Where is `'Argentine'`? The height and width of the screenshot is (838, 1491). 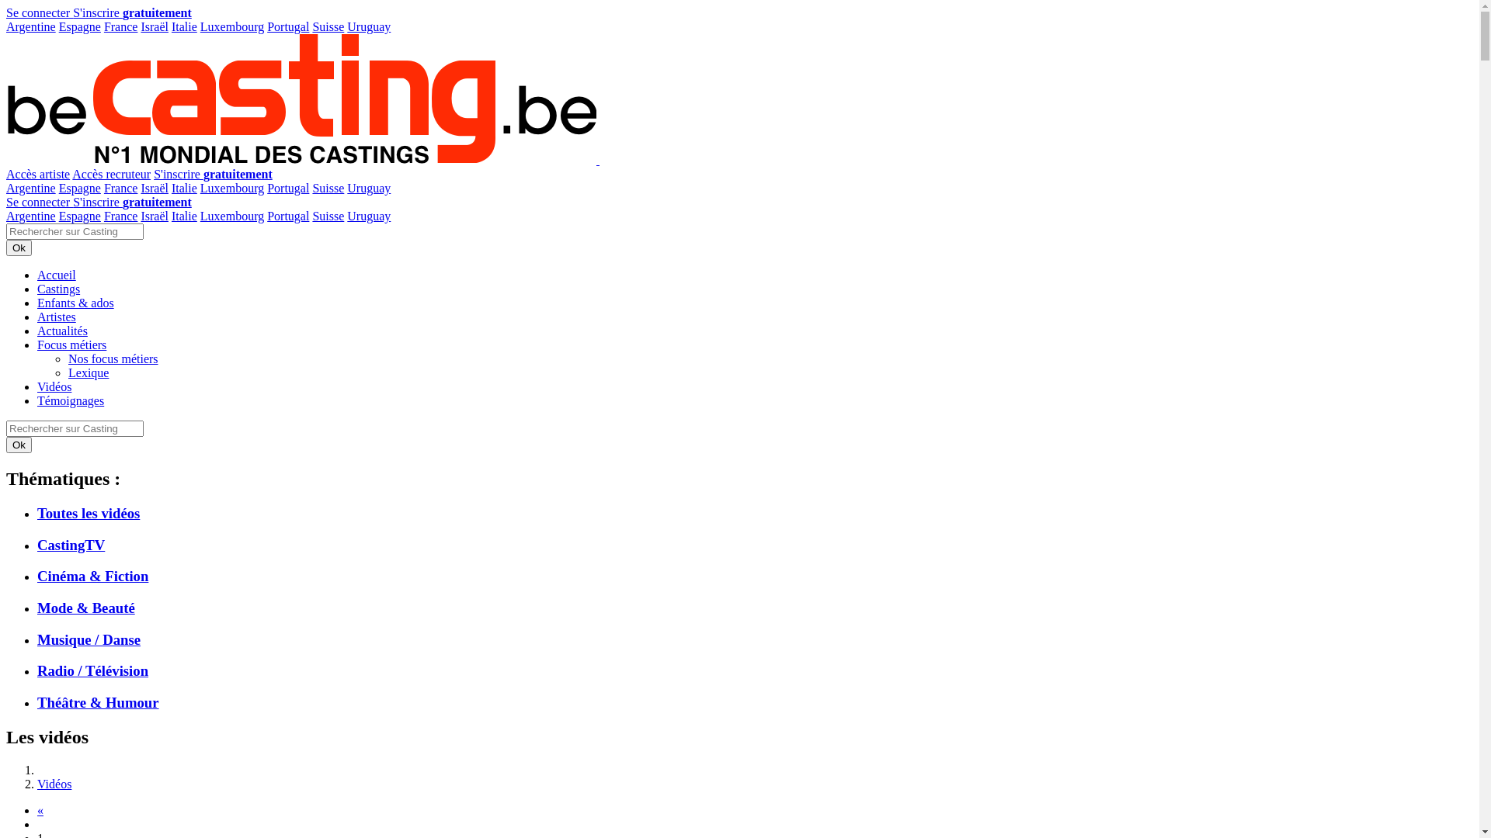
'Argentine' is located at coordinates (30, 26).